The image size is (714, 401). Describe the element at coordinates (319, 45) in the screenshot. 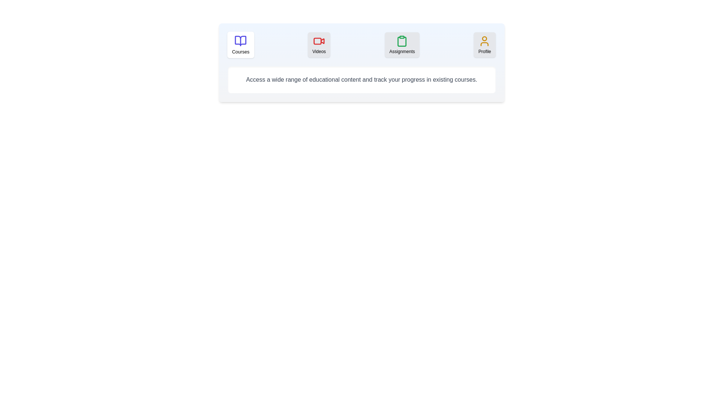

I see `the tab labeled Videos` at that location.